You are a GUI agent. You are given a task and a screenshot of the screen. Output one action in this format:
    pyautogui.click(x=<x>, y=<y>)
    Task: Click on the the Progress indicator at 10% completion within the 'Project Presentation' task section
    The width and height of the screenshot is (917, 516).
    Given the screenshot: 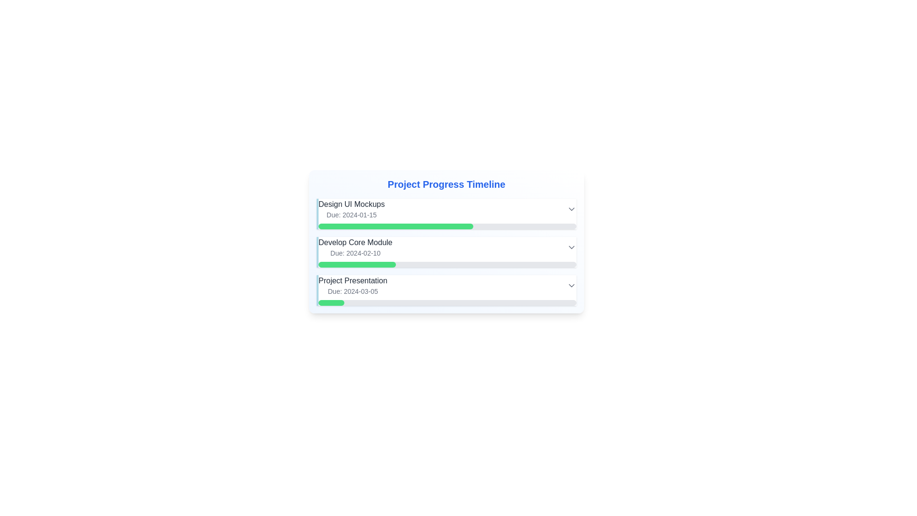 What is the action you would take?
    pyautogui.click(x=331, y=302)
    